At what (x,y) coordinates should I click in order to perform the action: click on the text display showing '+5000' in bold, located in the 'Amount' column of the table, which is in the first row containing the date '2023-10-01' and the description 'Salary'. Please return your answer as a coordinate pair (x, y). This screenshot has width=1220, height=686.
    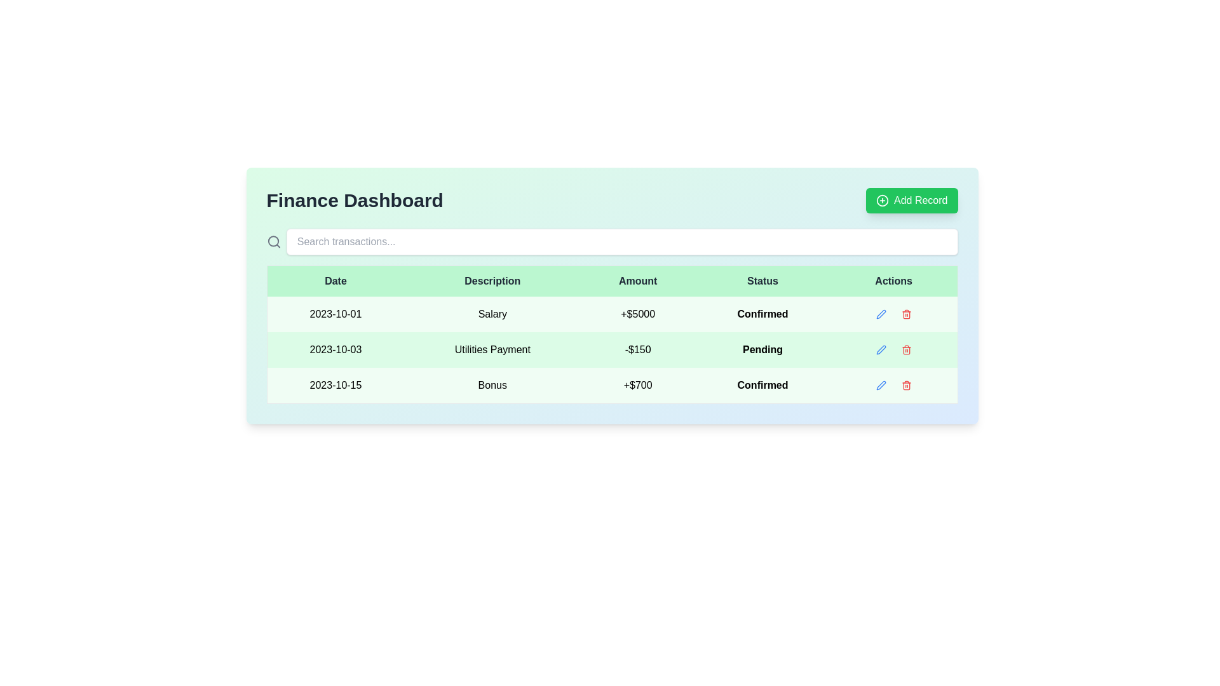
    Looking at the image, I should click on (638, 314).